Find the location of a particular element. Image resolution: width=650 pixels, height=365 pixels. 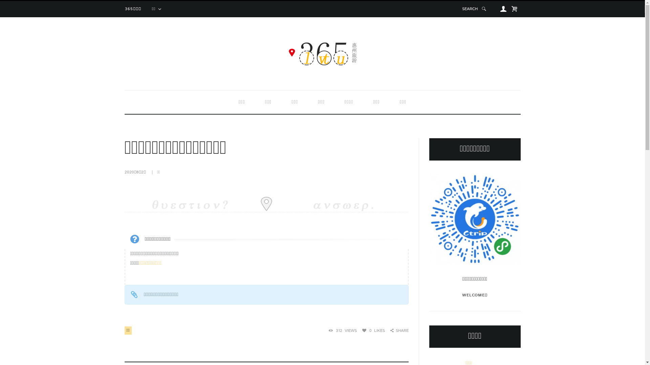

'SHARE' is located at coordinates (390, 330).